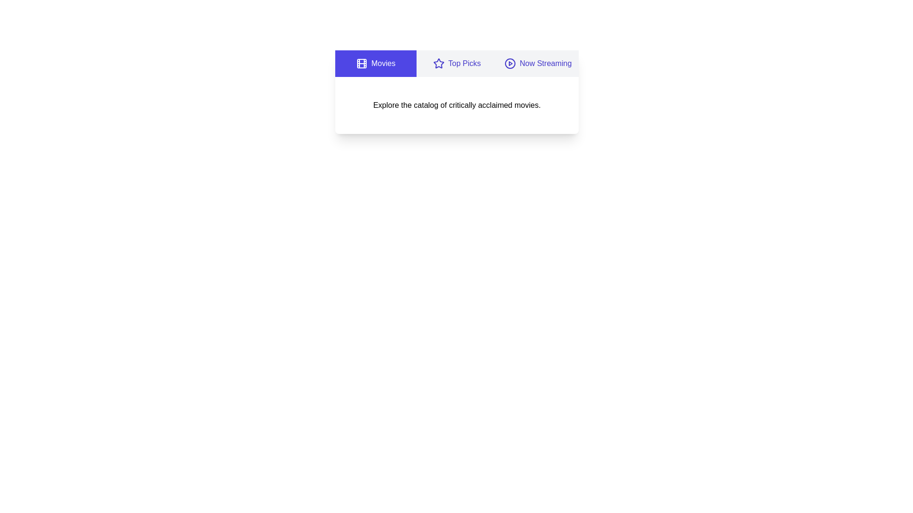 This screenshot has width=913, height=513. Describe the element at coordinates (375, 64) in the screenshot. I see `the tab corresponding to Movies` at that location.